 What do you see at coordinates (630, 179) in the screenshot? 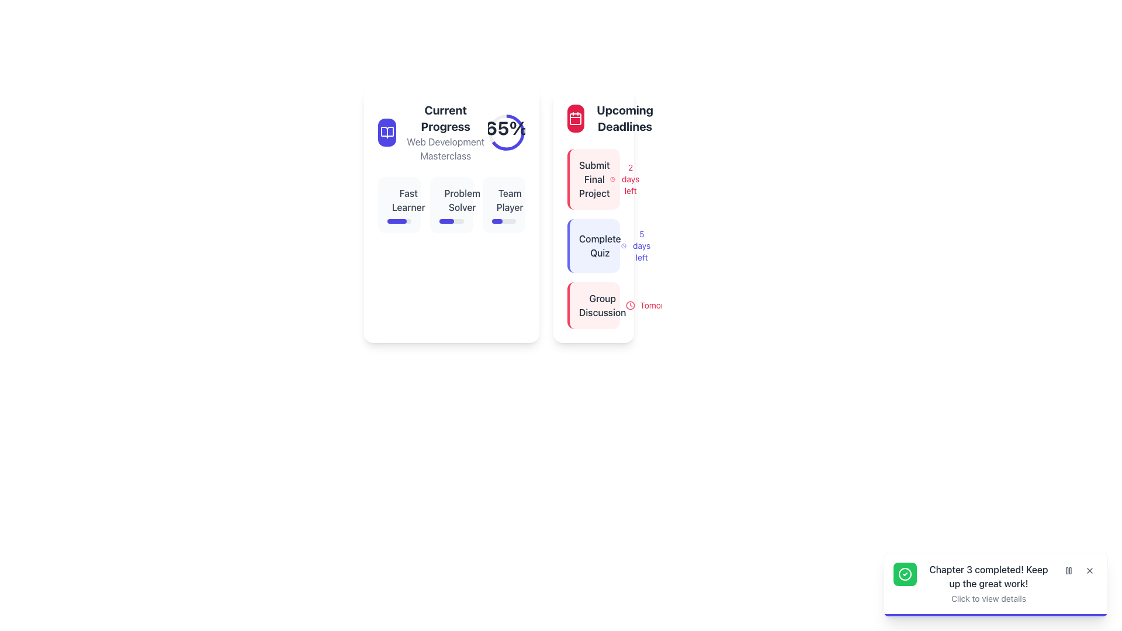
I see `text from the Text Label displaying '2 days left', which is styled in small-font-size and rose red color, positioned to the right of the 'Submit Final Project' label` at bounding box center [630, 179].